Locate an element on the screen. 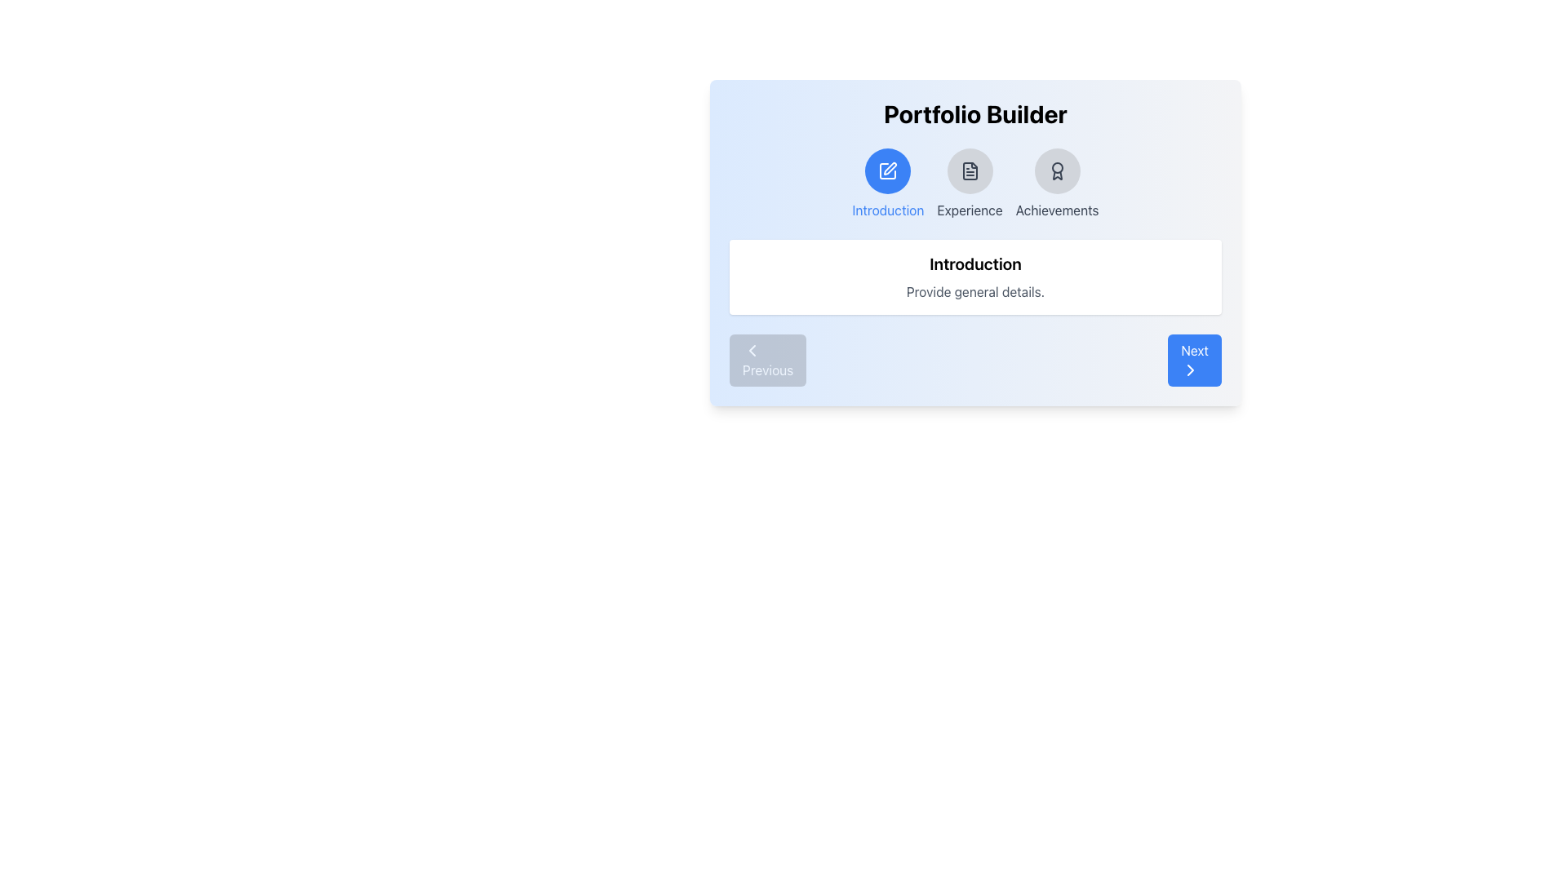  the third circular icon in the navigation section representing 'Achievements', located below the text 'Achievements' is located at coordinates (1057, 170).